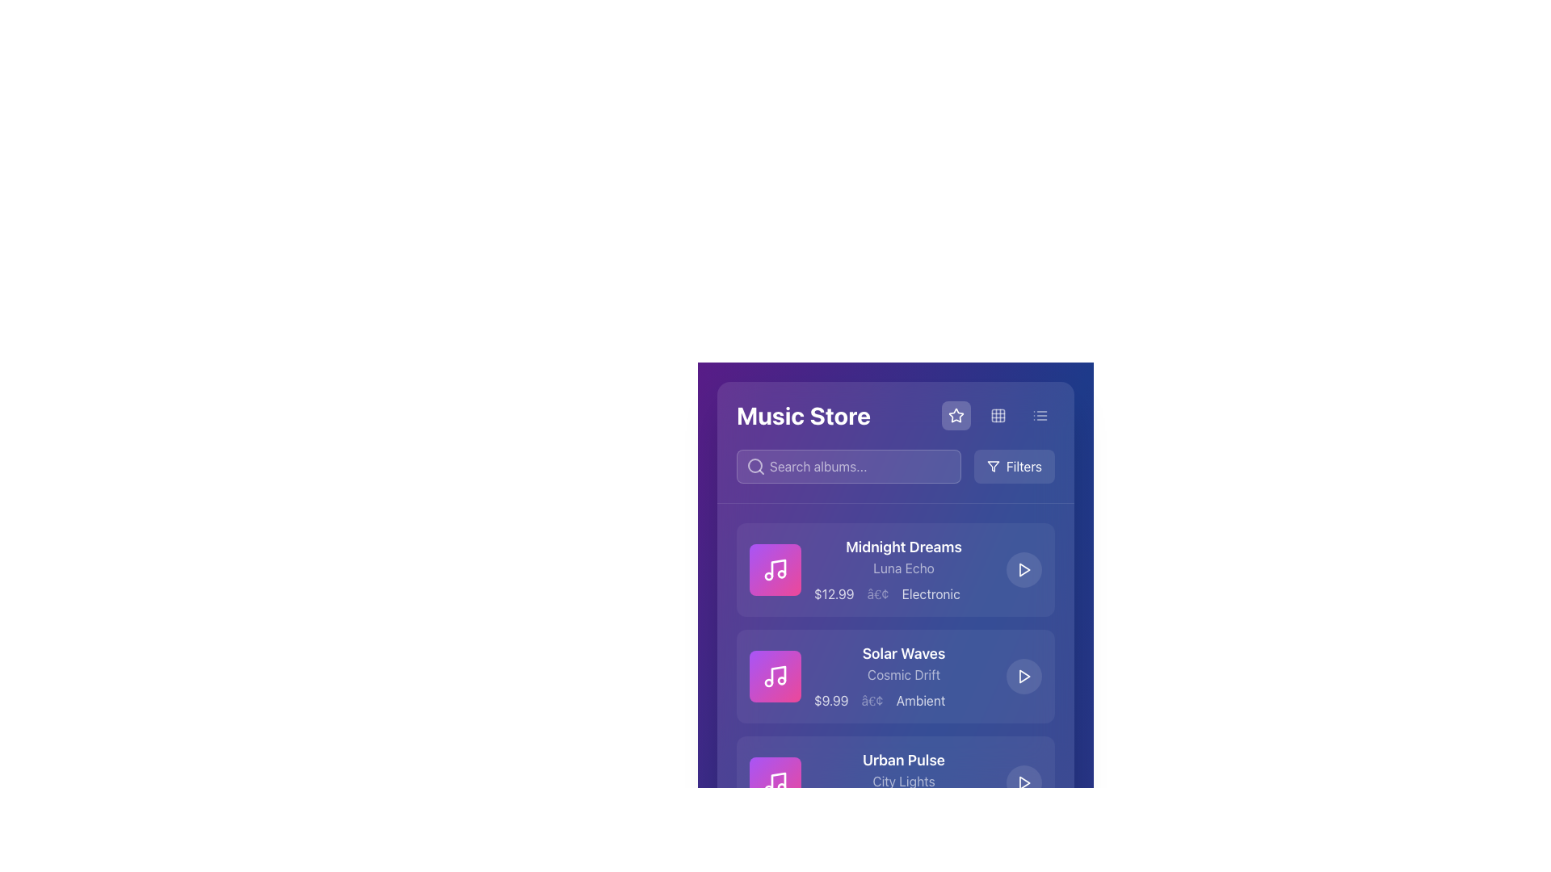 The image size is (1551, 872). Describe the element at coordinates (894, 782) in the screenshot. I see `the music album card that is the third entry in the vertical list of cards within the 'Music Store' section` at that location.